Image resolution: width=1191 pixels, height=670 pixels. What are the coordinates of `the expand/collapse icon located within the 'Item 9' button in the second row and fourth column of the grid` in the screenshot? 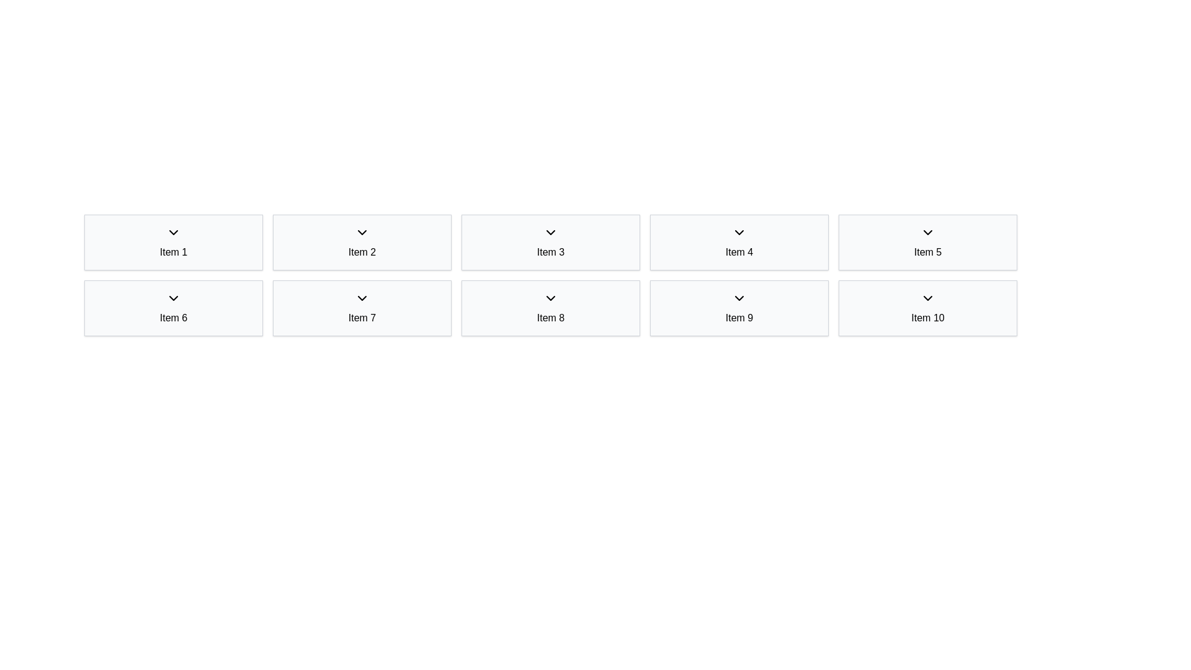 It's located at (739, 298).